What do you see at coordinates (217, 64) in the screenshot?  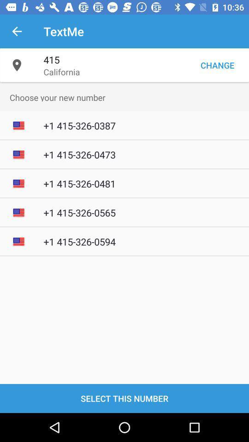 I see `the change icon` at bounding box center [217, 64].